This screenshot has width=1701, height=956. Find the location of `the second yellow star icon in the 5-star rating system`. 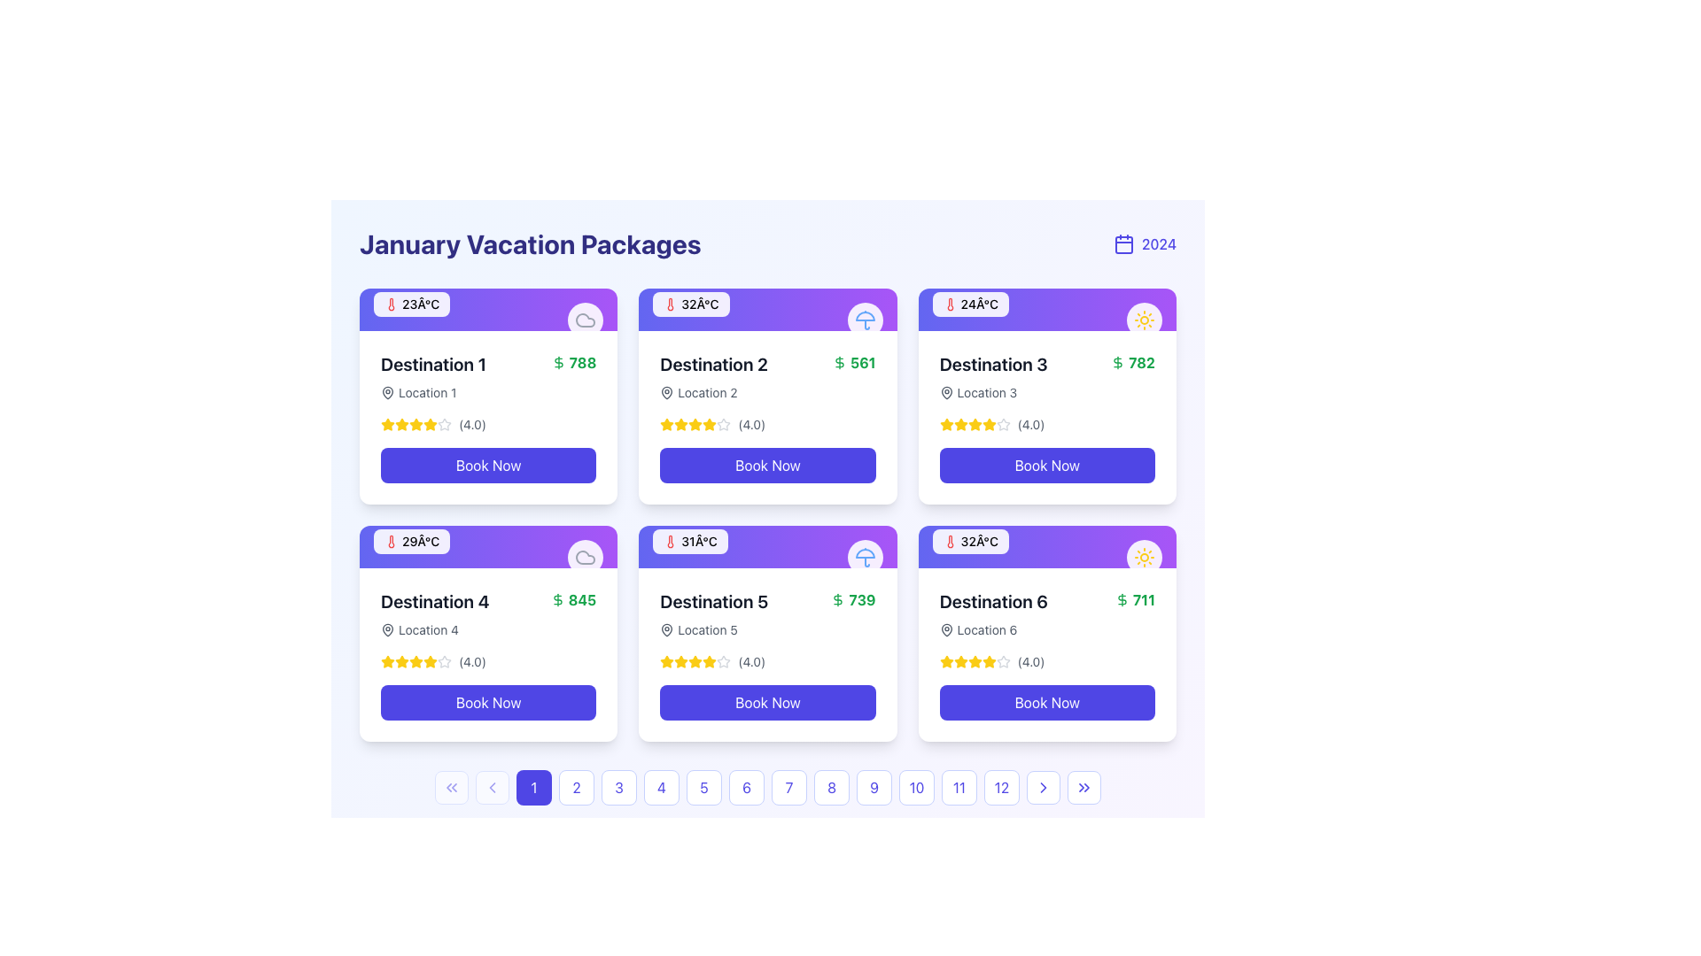

the second yellow star icon in the 5-star rating system is located at coordinates (401, 424).